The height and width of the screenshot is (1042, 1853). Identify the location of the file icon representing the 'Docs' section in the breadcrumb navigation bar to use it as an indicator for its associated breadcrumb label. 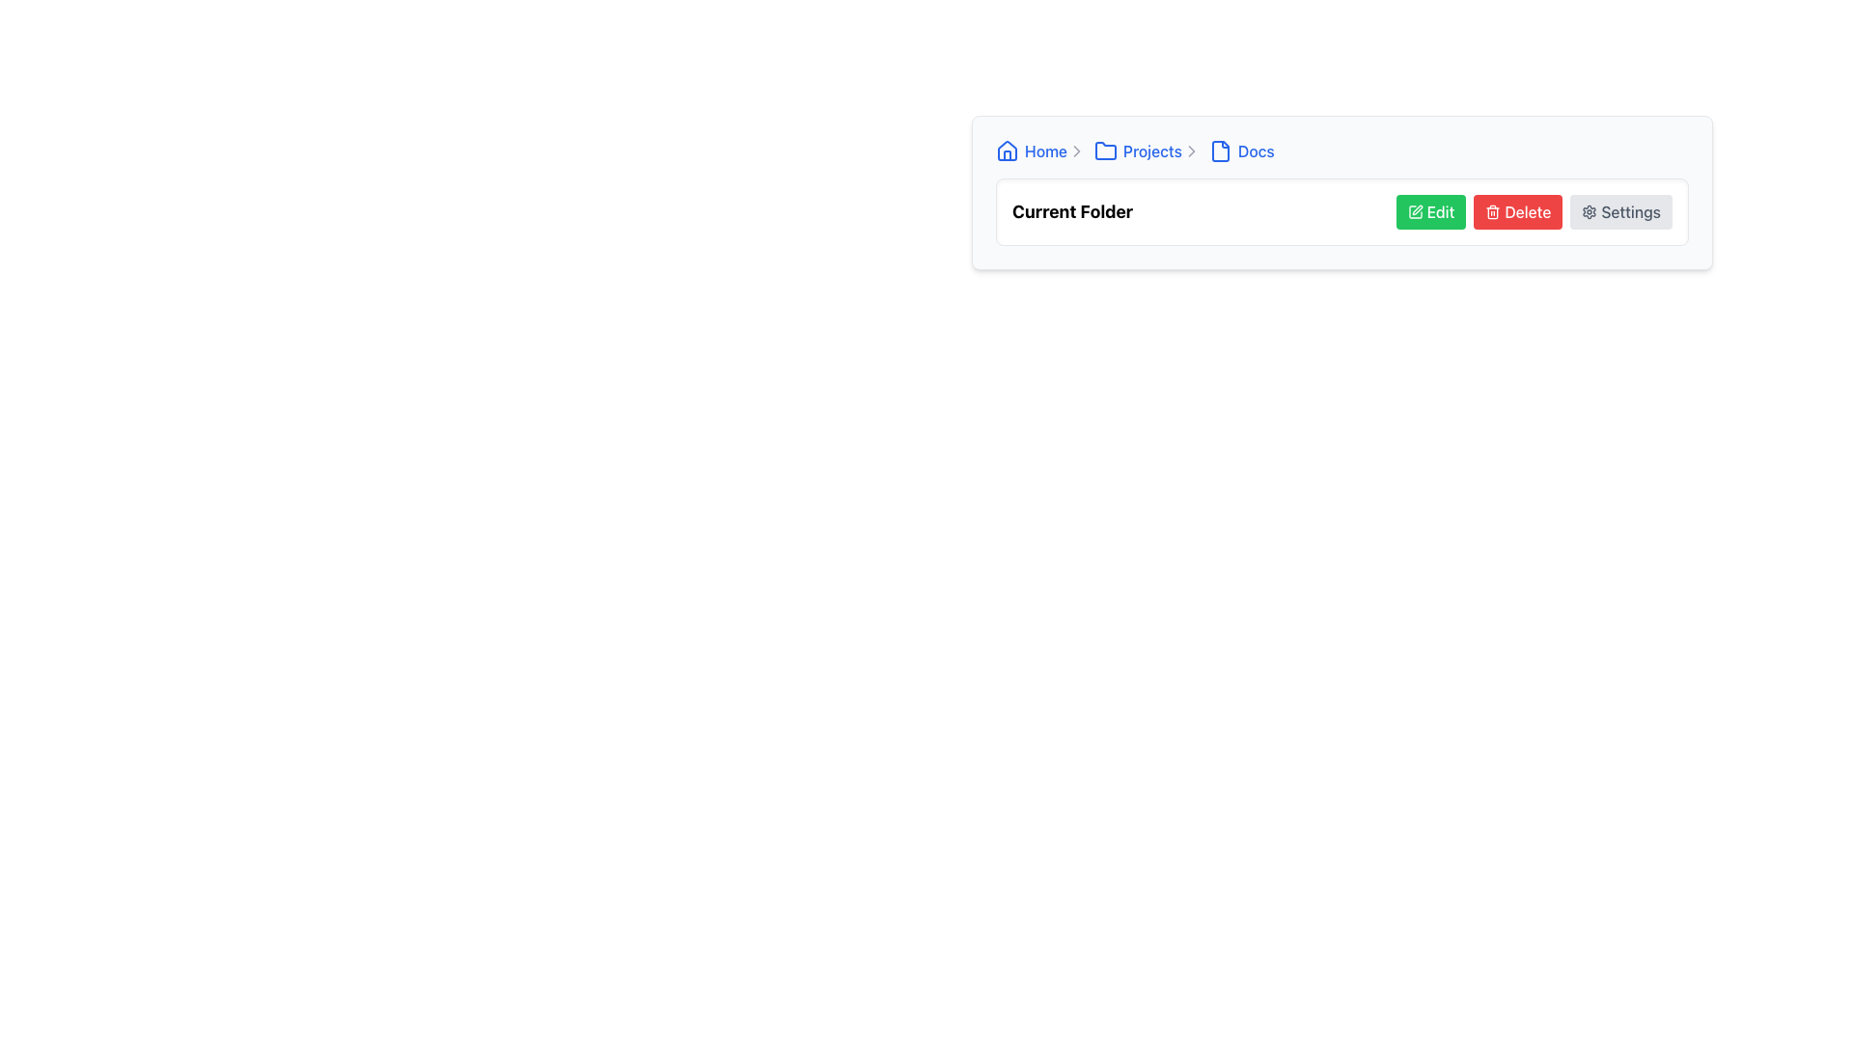
(1219, 151).